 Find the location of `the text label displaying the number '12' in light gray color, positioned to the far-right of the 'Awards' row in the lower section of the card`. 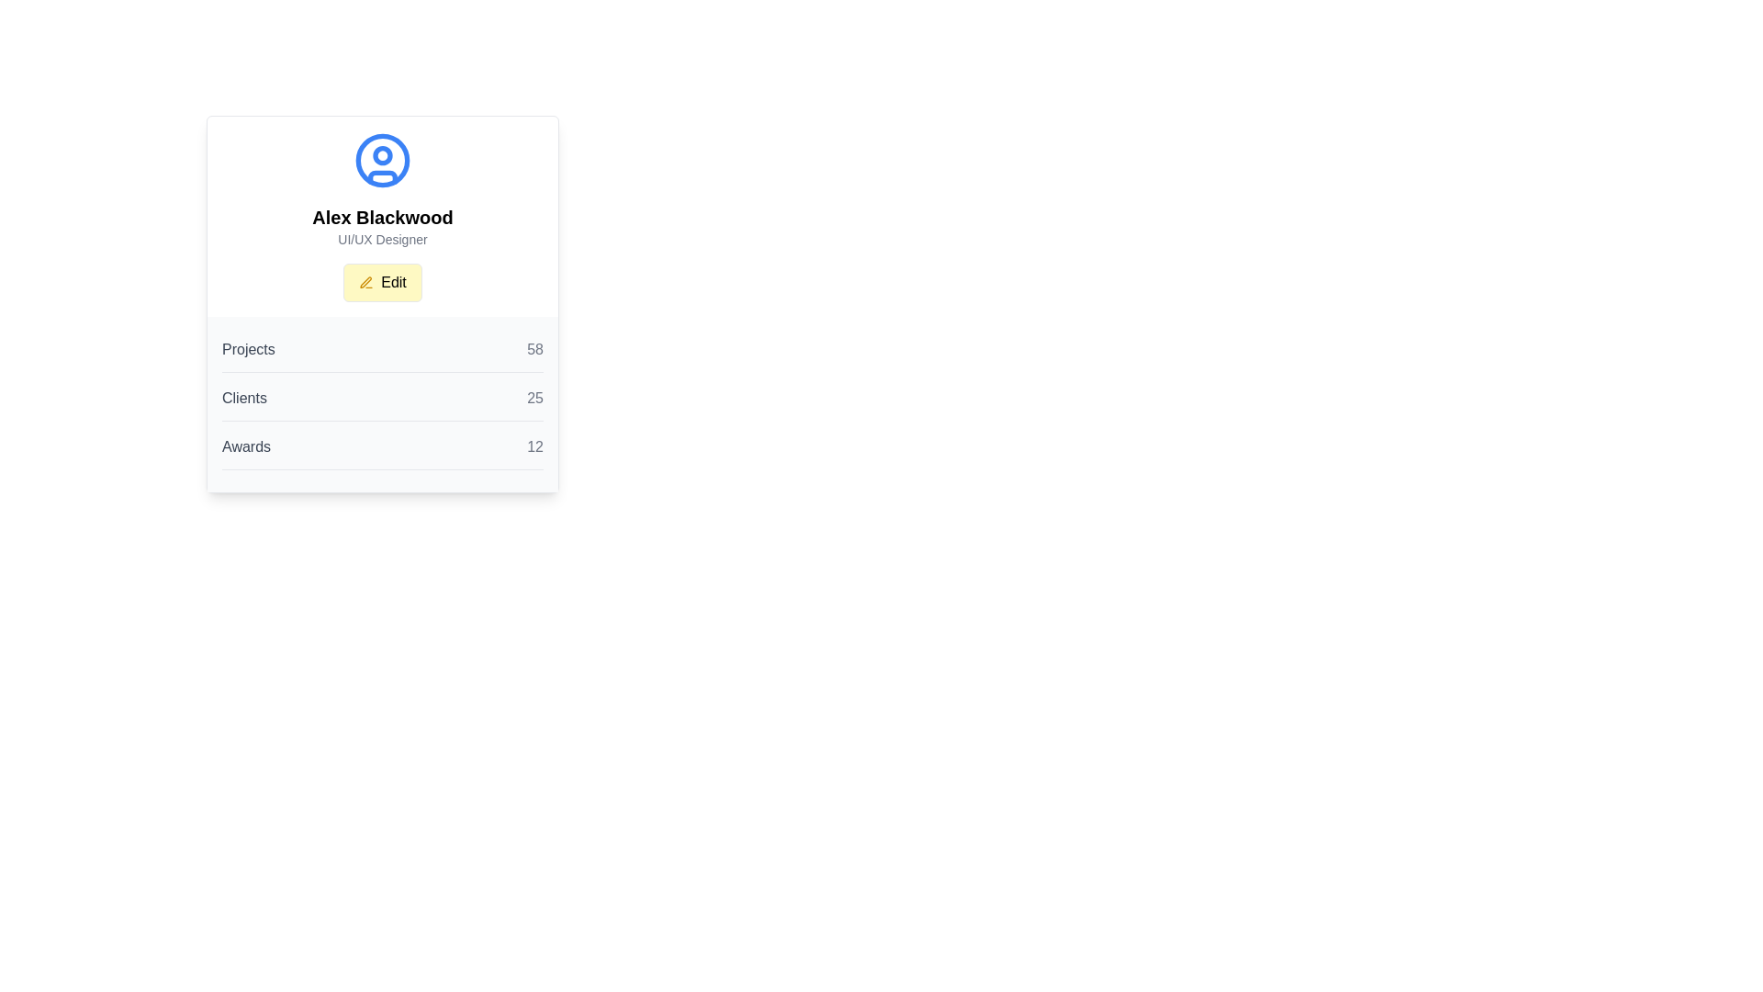

the text label displaying the number '12' in light gray color, positioned to the far-right of the 'Awards' row in the lower section of the card is located at coordinates (534, 446).